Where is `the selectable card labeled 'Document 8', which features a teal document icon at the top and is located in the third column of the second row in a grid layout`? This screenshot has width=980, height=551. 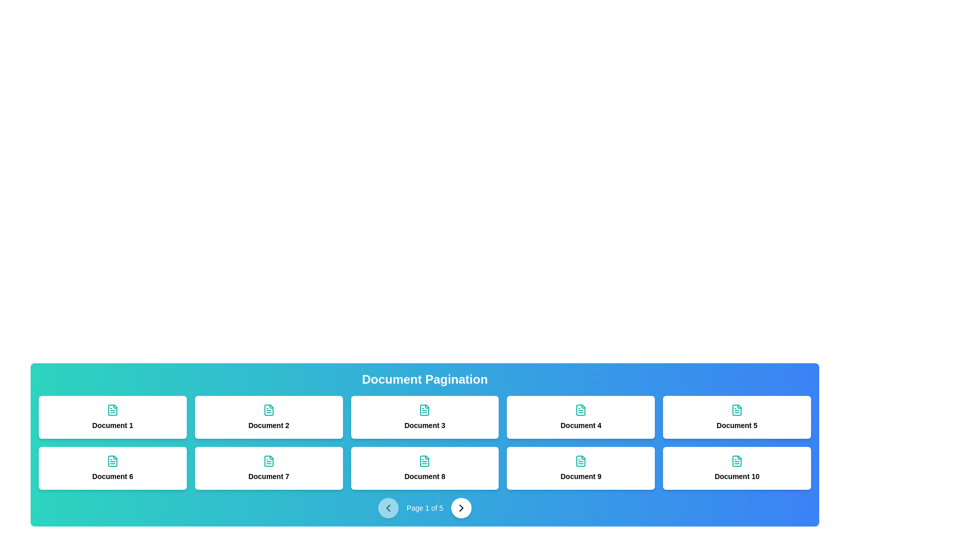
the selectable card labeled 'Document 8', which features a teal document icon at the top and is located in the third column of the second row in a grid layout is located at coordinates (425, 468).